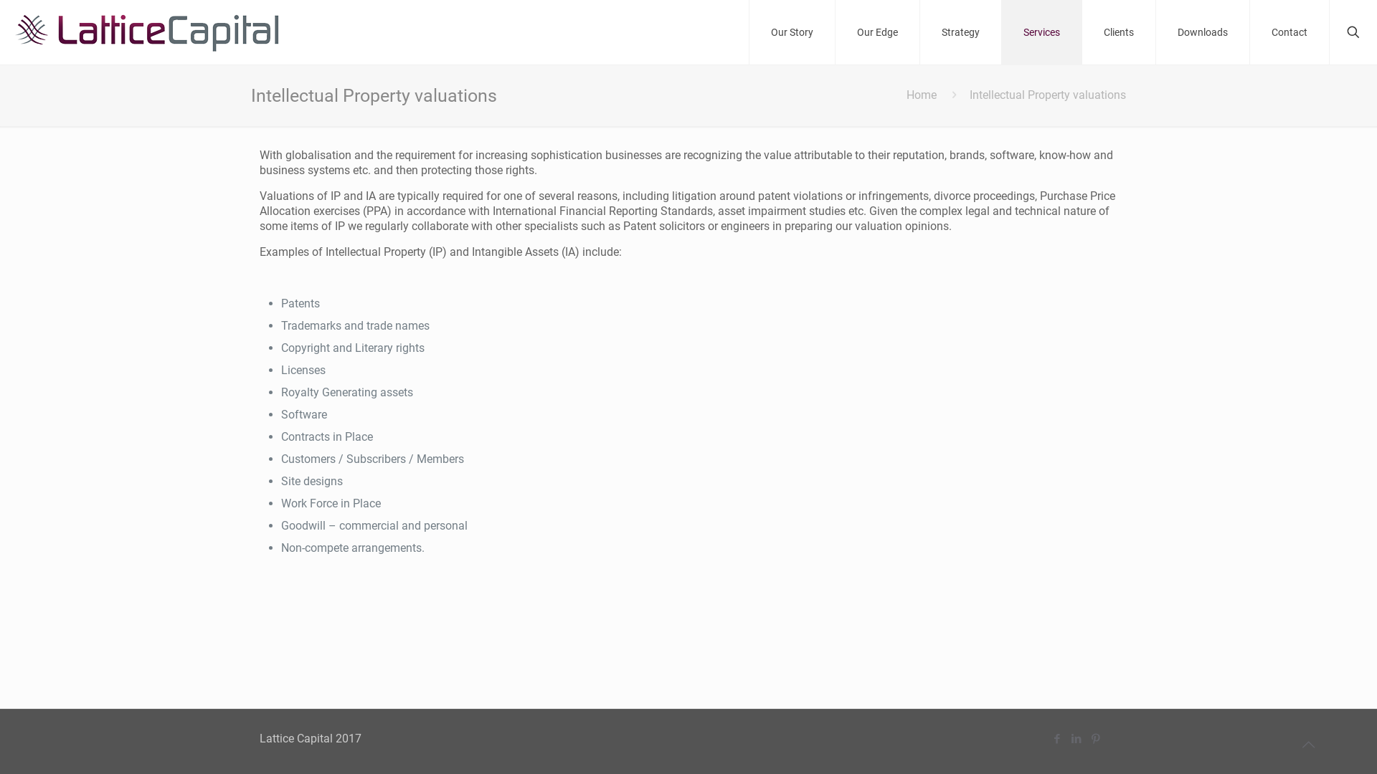  What do you see at coordinates (791, 32) in the screenshot?
I see `'Our Story'` at bounding box center [791, 32].